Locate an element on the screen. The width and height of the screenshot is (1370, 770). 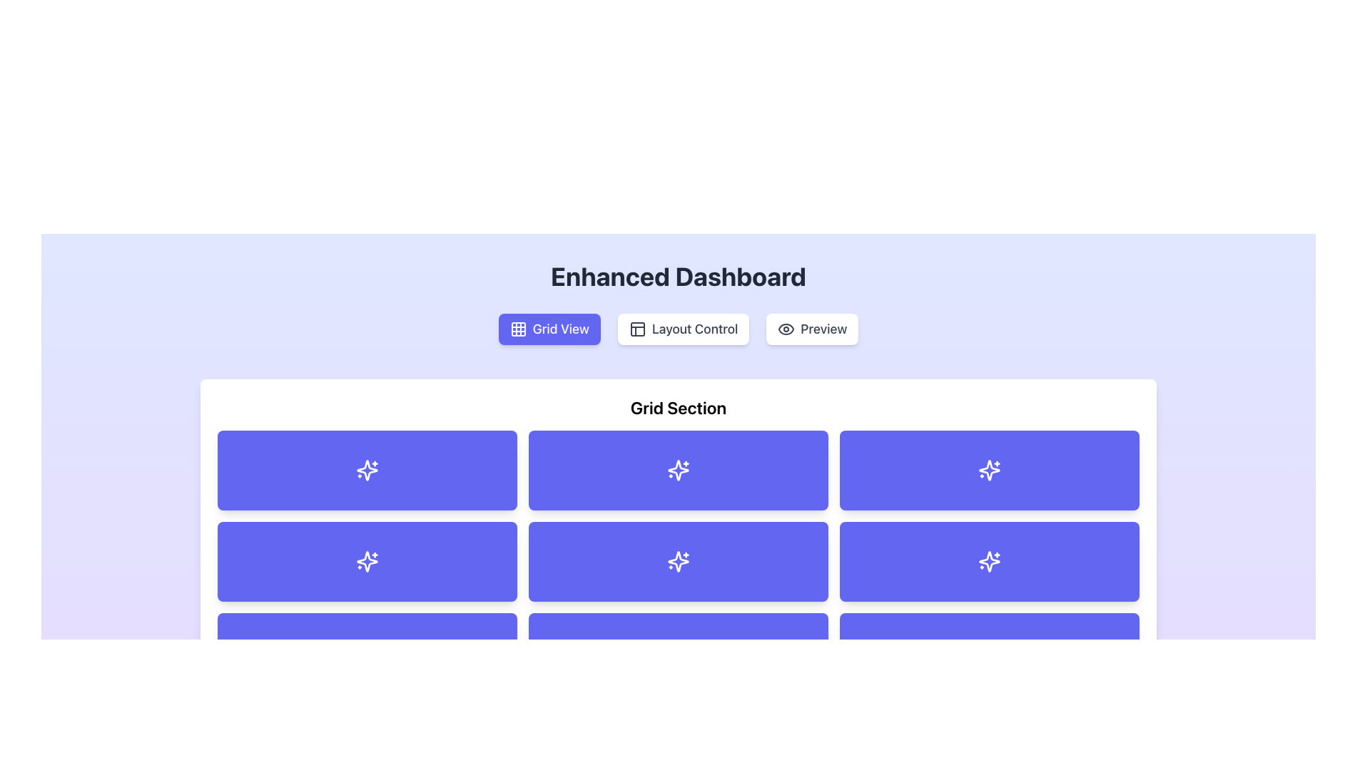
the small dashboard icon with a white background and dark border located in the center-left of the 'Layout Control' section, between 'Grid View' and 'Preview' is located at coordinates (636, 329).